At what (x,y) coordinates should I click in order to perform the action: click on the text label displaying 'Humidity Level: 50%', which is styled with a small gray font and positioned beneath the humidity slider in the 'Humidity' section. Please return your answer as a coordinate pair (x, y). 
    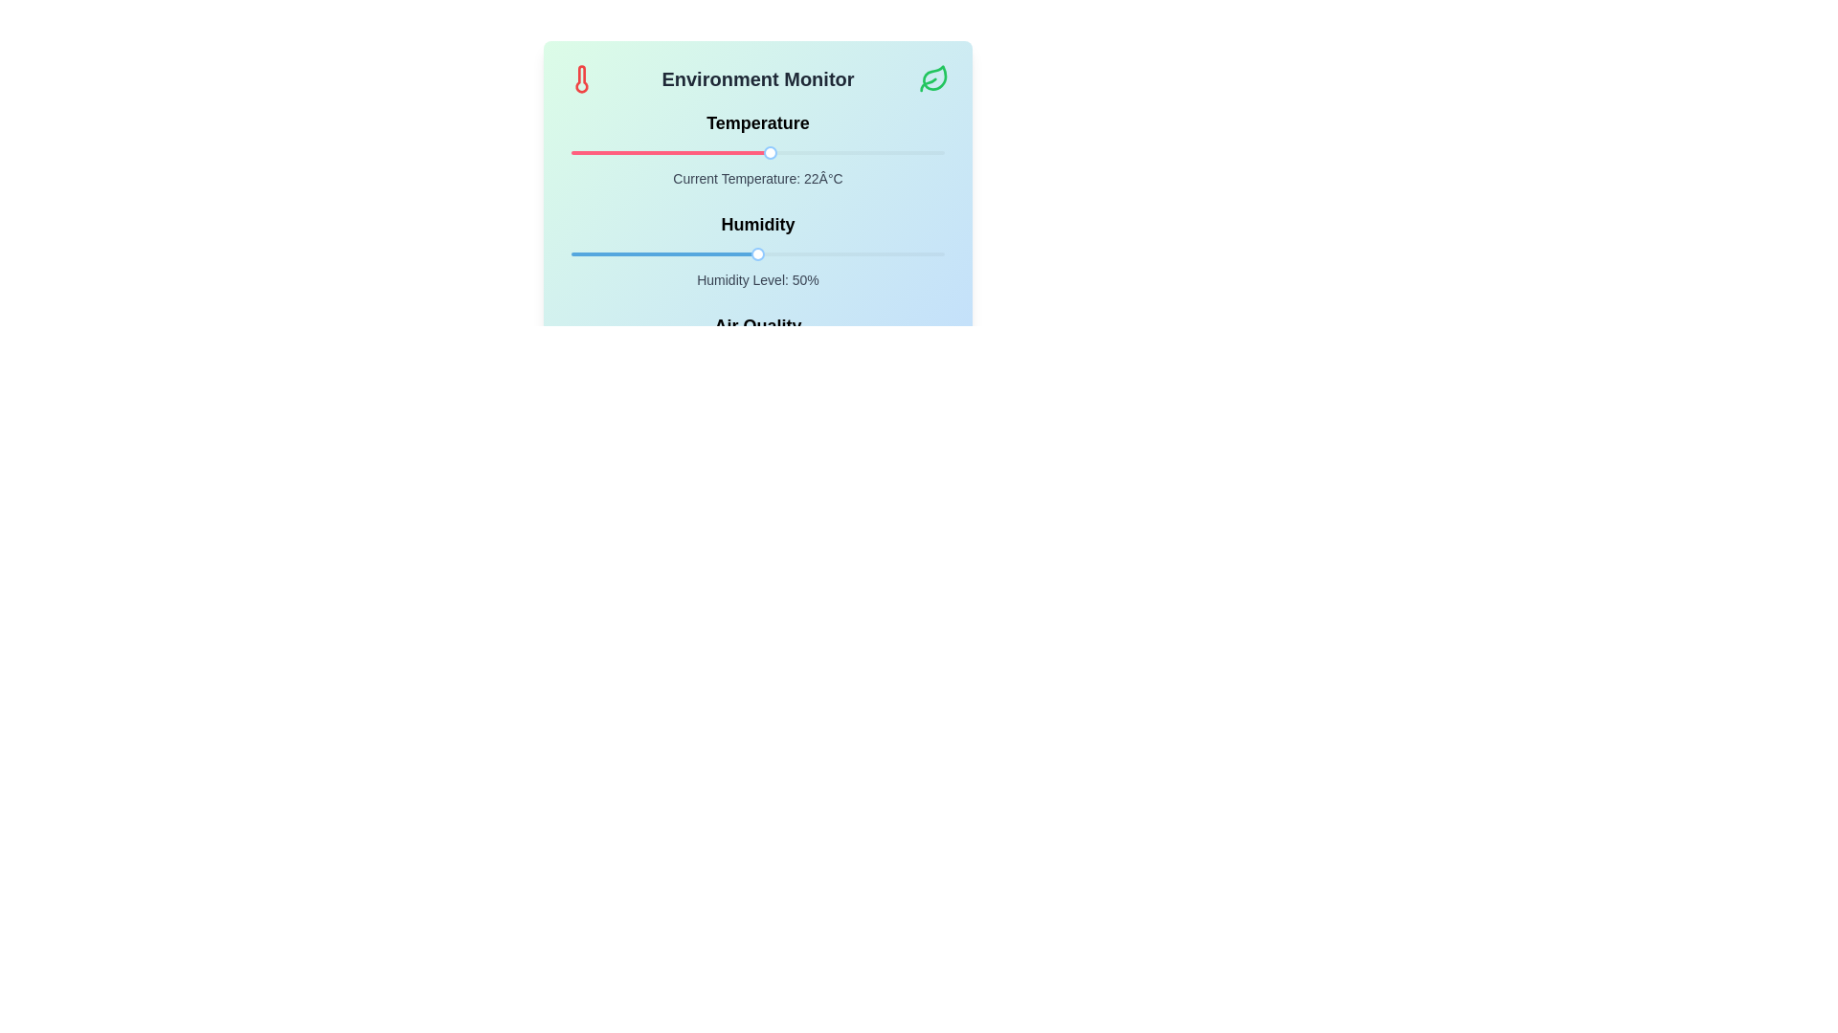
    Looking at the image, I should click on (757, 280).